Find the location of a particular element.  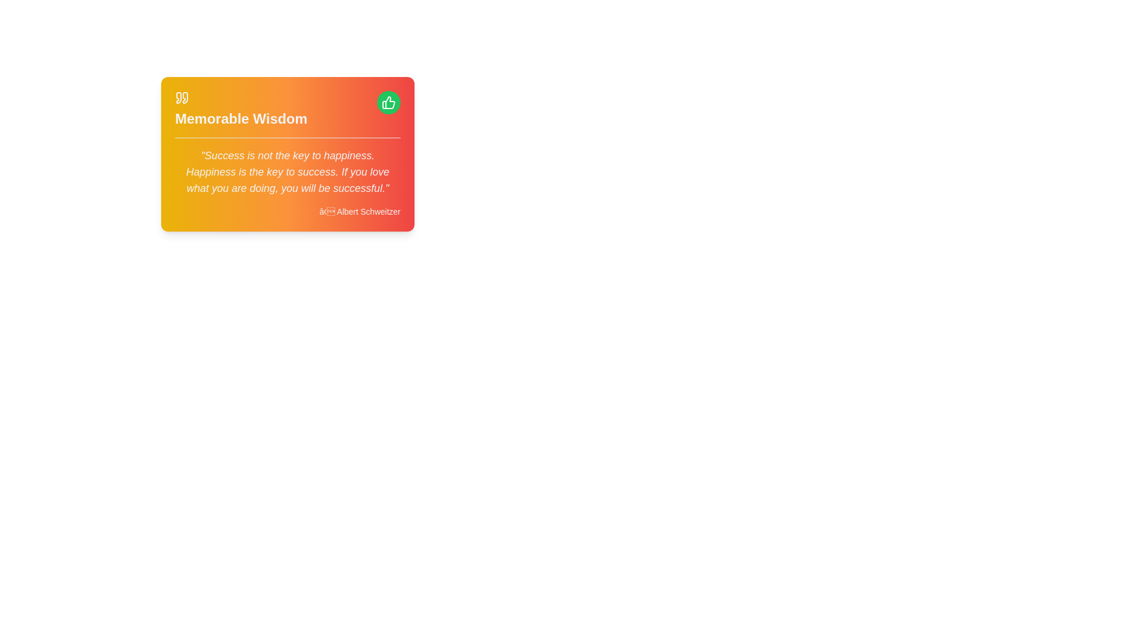

the right-side quotation mark component of the icon located in the top-left area of the colorful card near the heading 'Memorable Wisdom' is located at coordinates (184, 97).